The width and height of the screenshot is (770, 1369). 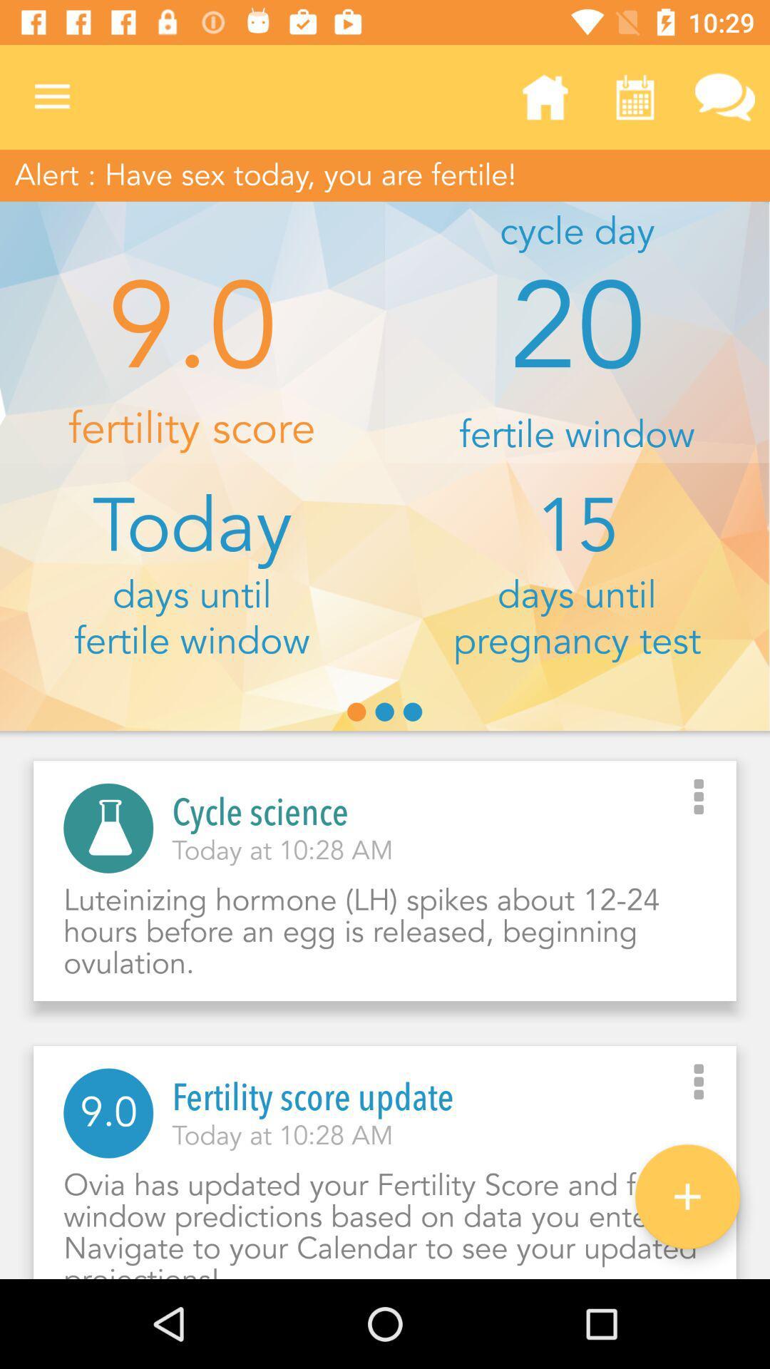 What do you see at coordinates (687, 1196) in the screenshot?
I see `the add icon` at bounding box center [687, 1196].